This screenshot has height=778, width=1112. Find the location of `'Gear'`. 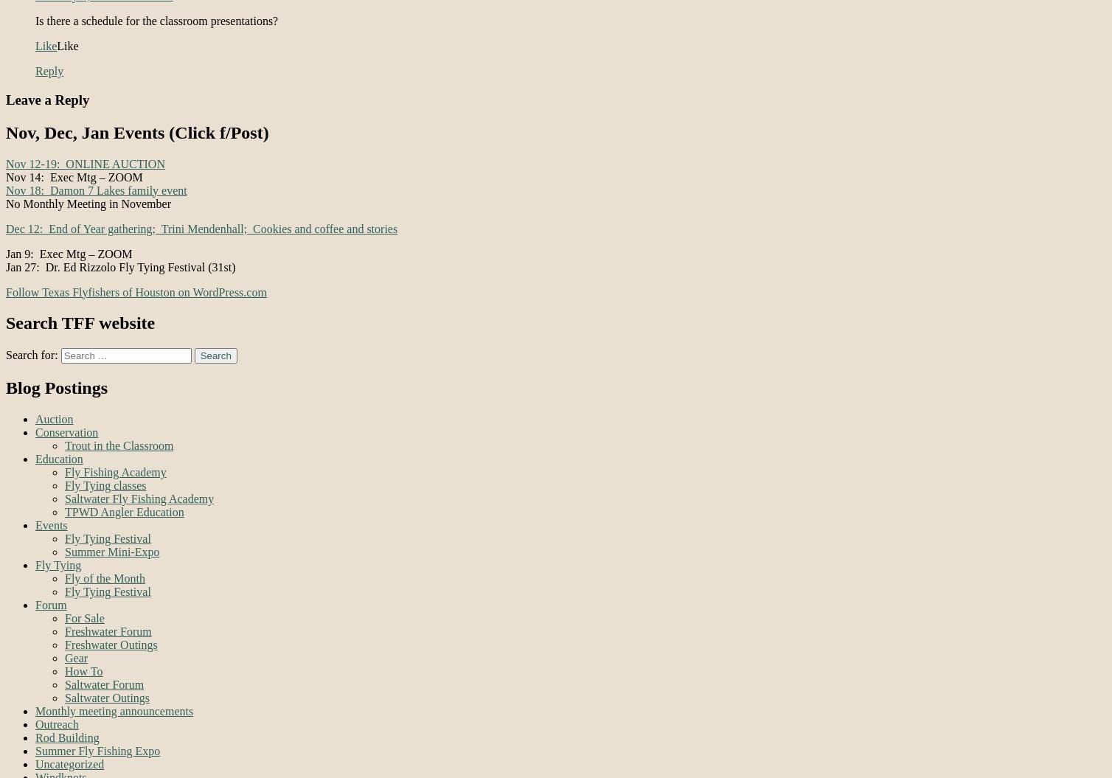

'Gear' is located at coordinates (76, 657).